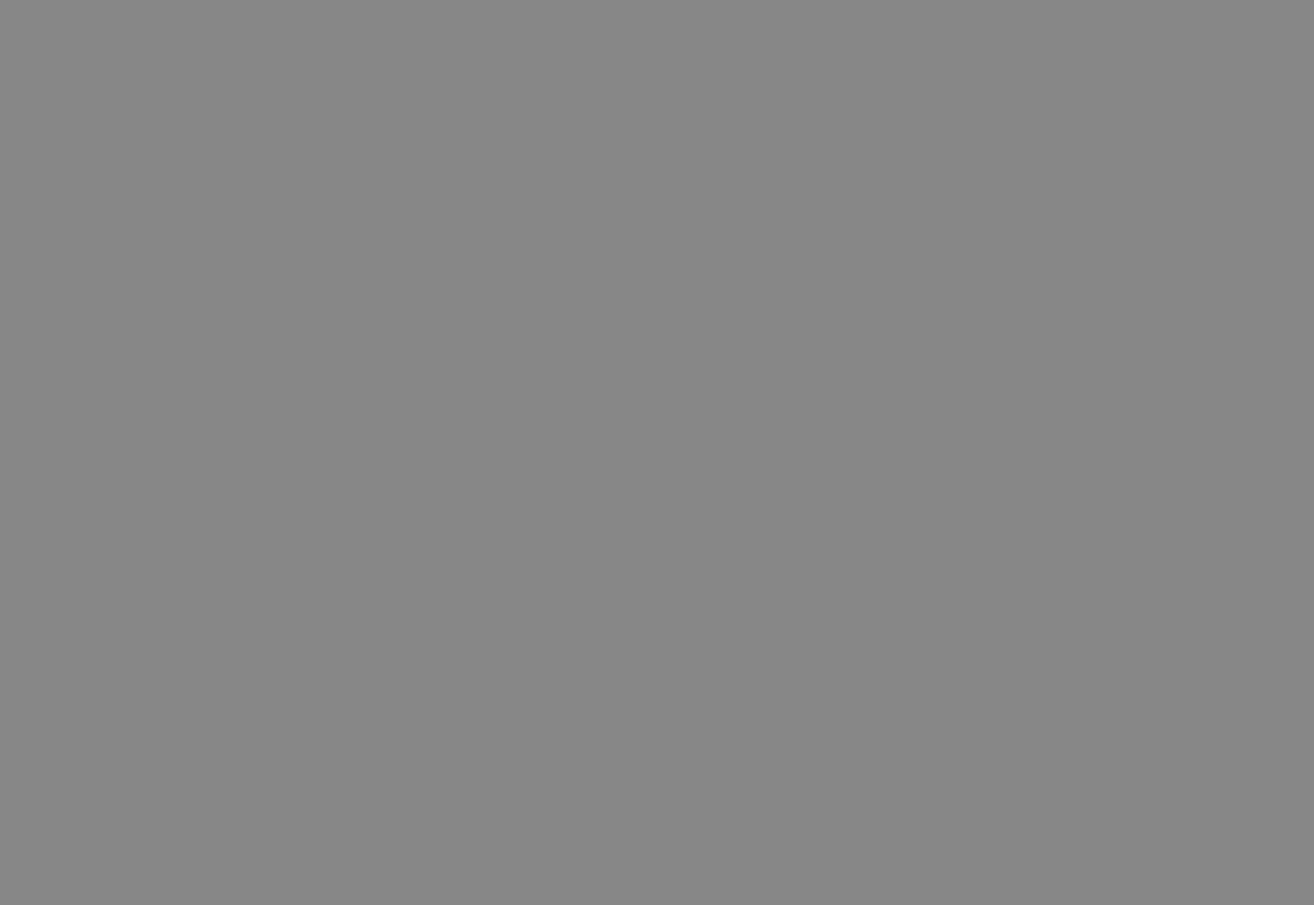  What do you see at coordinates (762, 709) in the screenshot?
I see `'Test Universe'` at bounding box center [762, 709].